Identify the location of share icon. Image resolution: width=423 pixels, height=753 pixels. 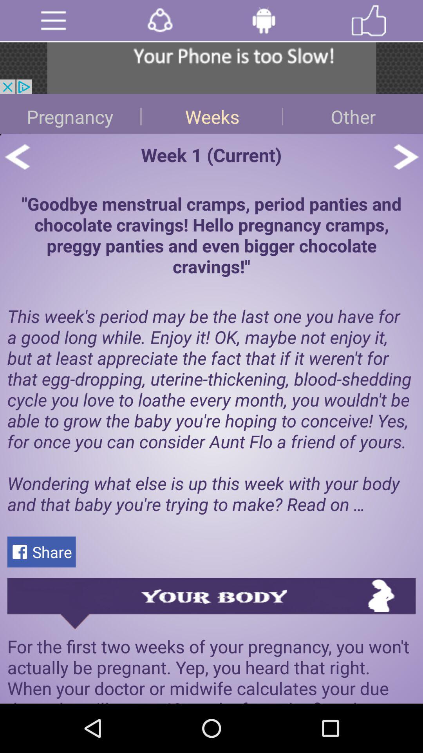
(159, 20).